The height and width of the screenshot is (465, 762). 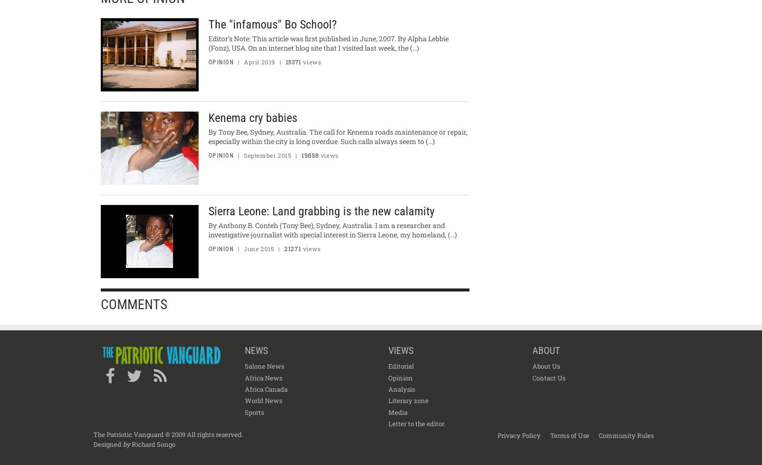 I want to click on 'April 2019', so click(x=259, y=61).